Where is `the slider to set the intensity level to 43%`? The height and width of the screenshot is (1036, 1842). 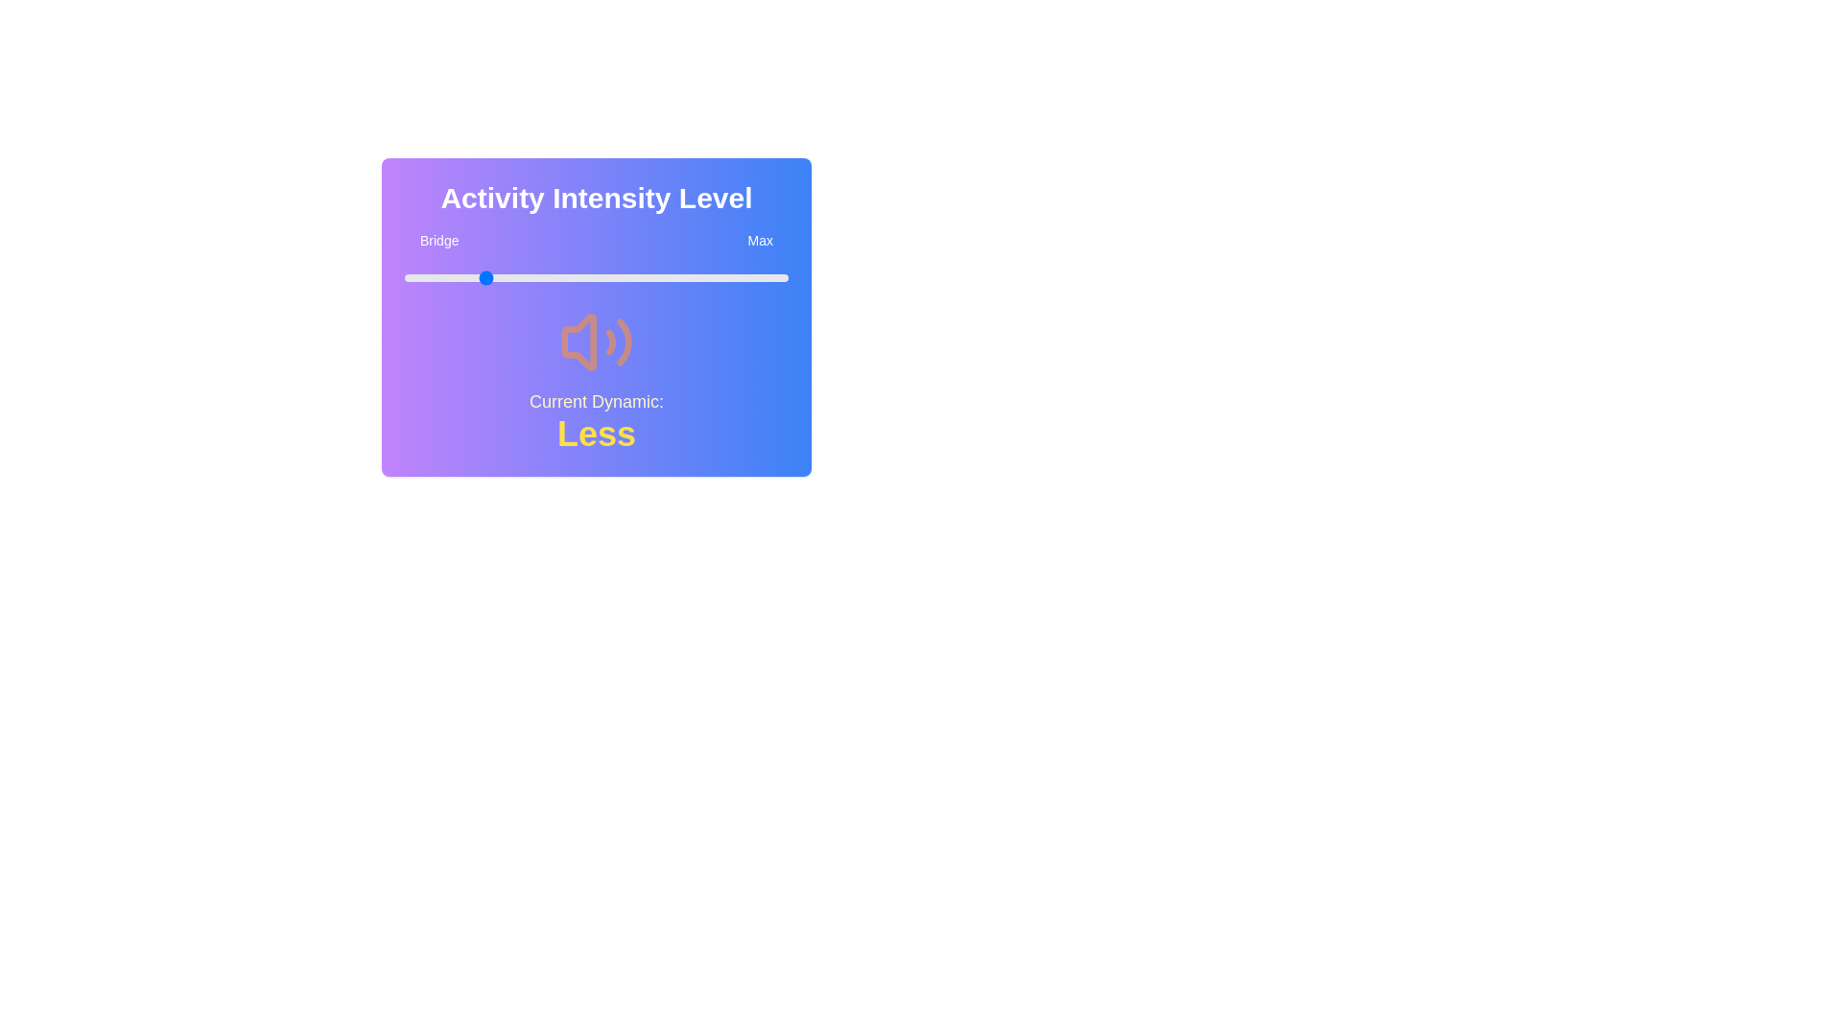 the slider to set the intensity level to 43% is located at coordinates (569, 277).